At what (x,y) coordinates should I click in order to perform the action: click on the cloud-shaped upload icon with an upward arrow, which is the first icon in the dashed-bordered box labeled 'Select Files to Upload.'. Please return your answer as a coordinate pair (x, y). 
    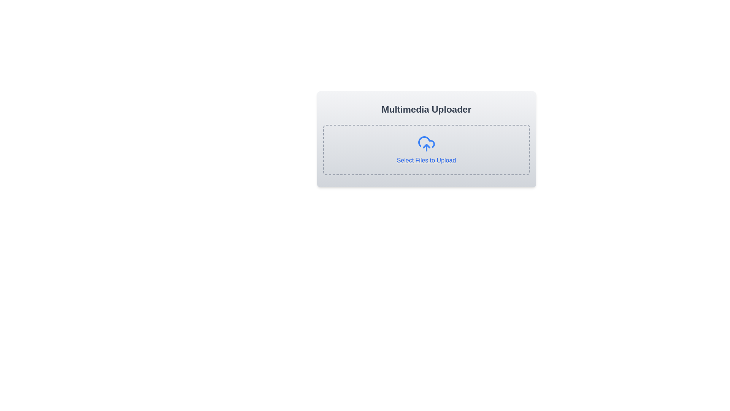
    Looking at the image, I should click on (426, 144).